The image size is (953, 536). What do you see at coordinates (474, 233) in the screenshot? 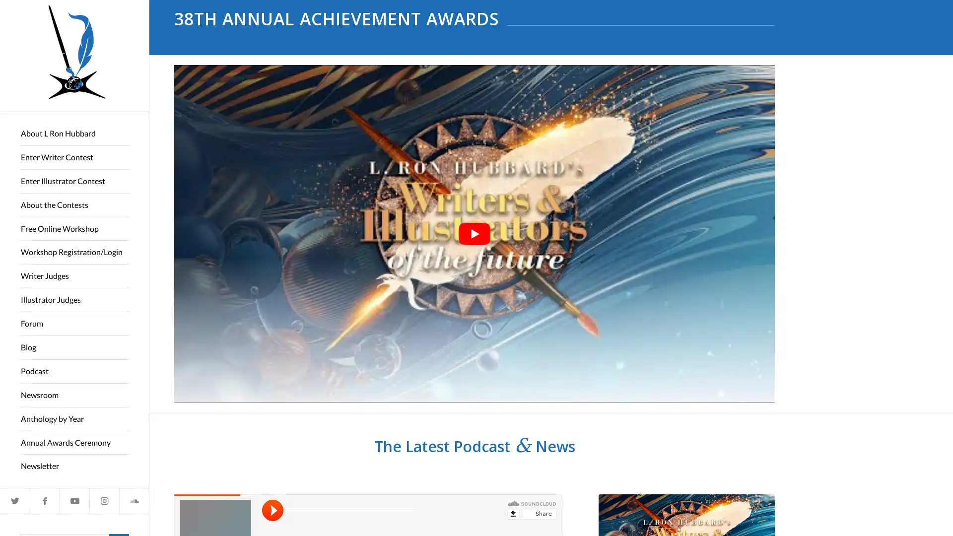
I see `play Youtube video` at bounding box center [474, 233].